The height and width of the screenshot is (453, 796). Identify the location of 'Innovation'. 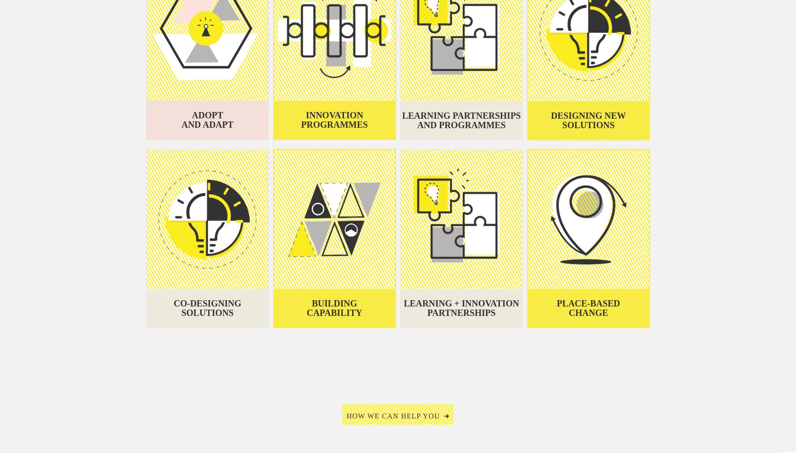
(333, 115).